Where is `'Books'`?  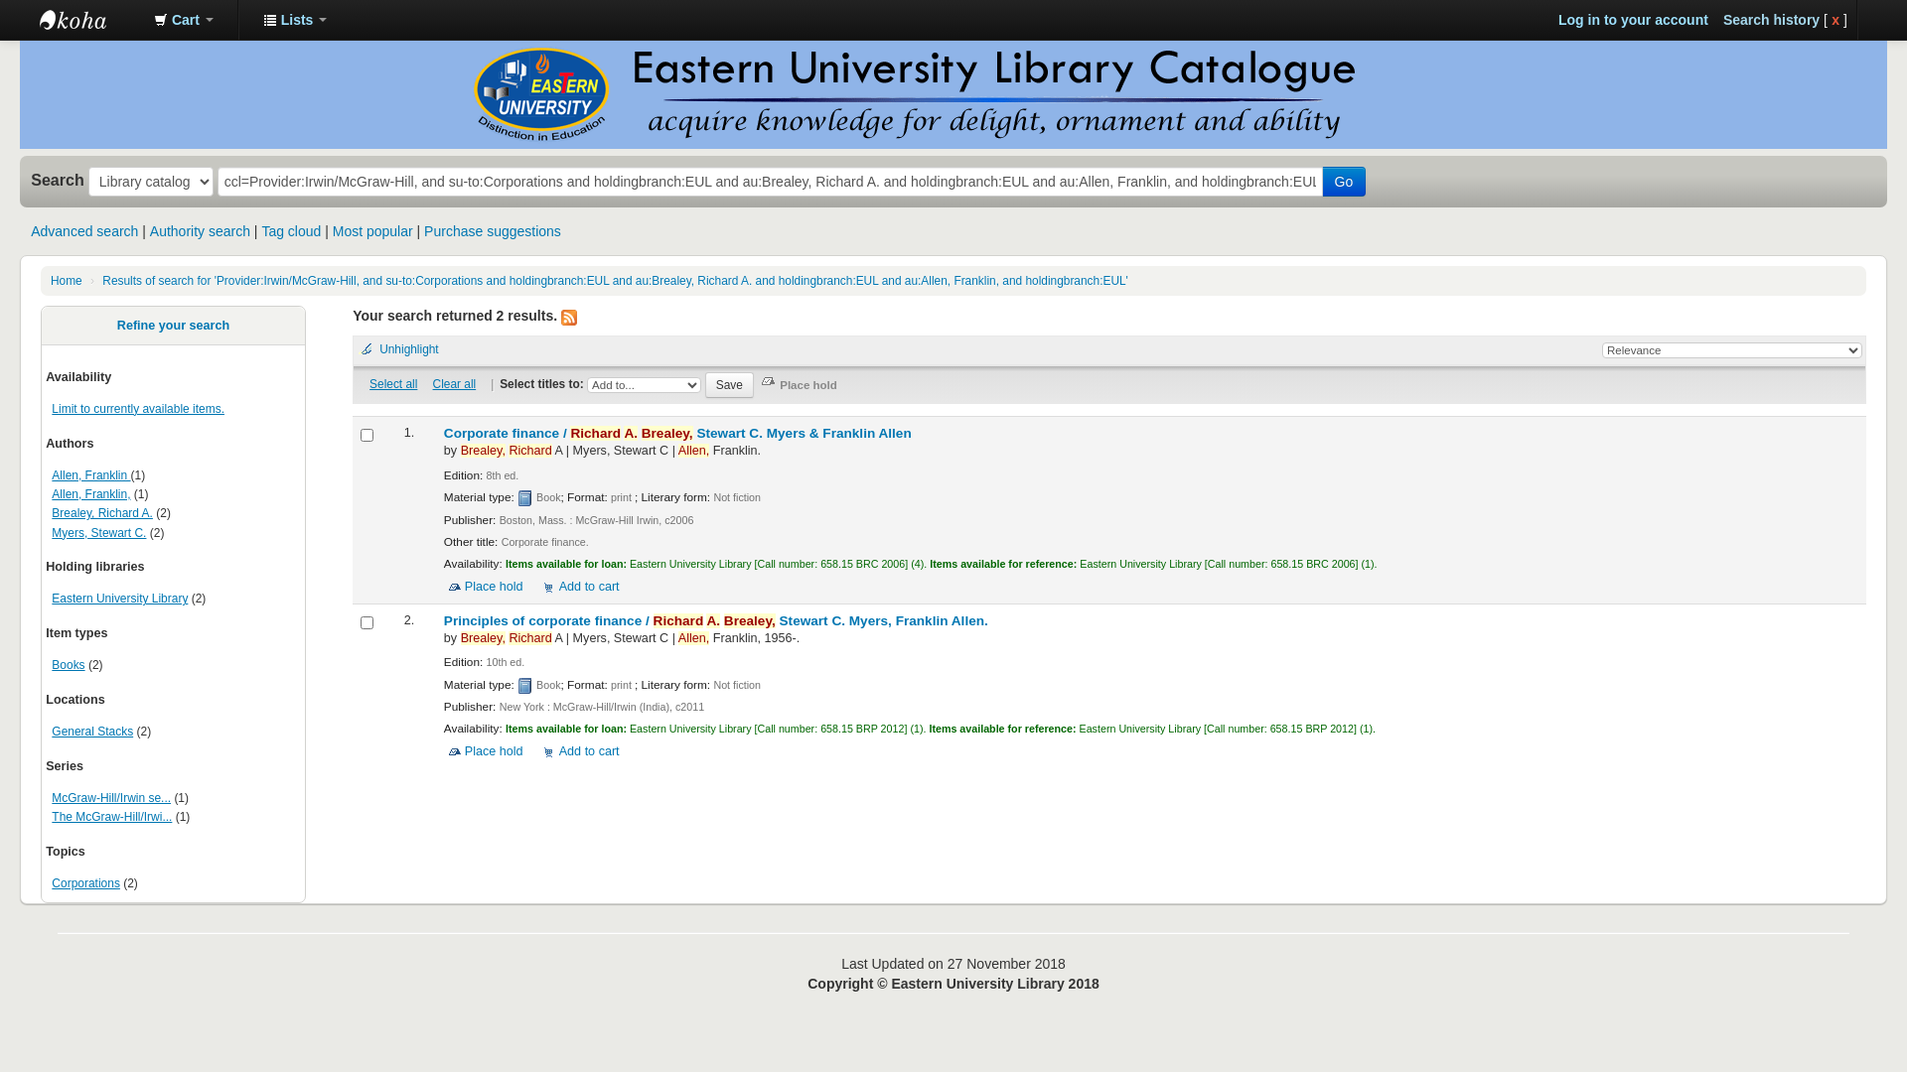 'Books' is located at coordinates (68, 665).